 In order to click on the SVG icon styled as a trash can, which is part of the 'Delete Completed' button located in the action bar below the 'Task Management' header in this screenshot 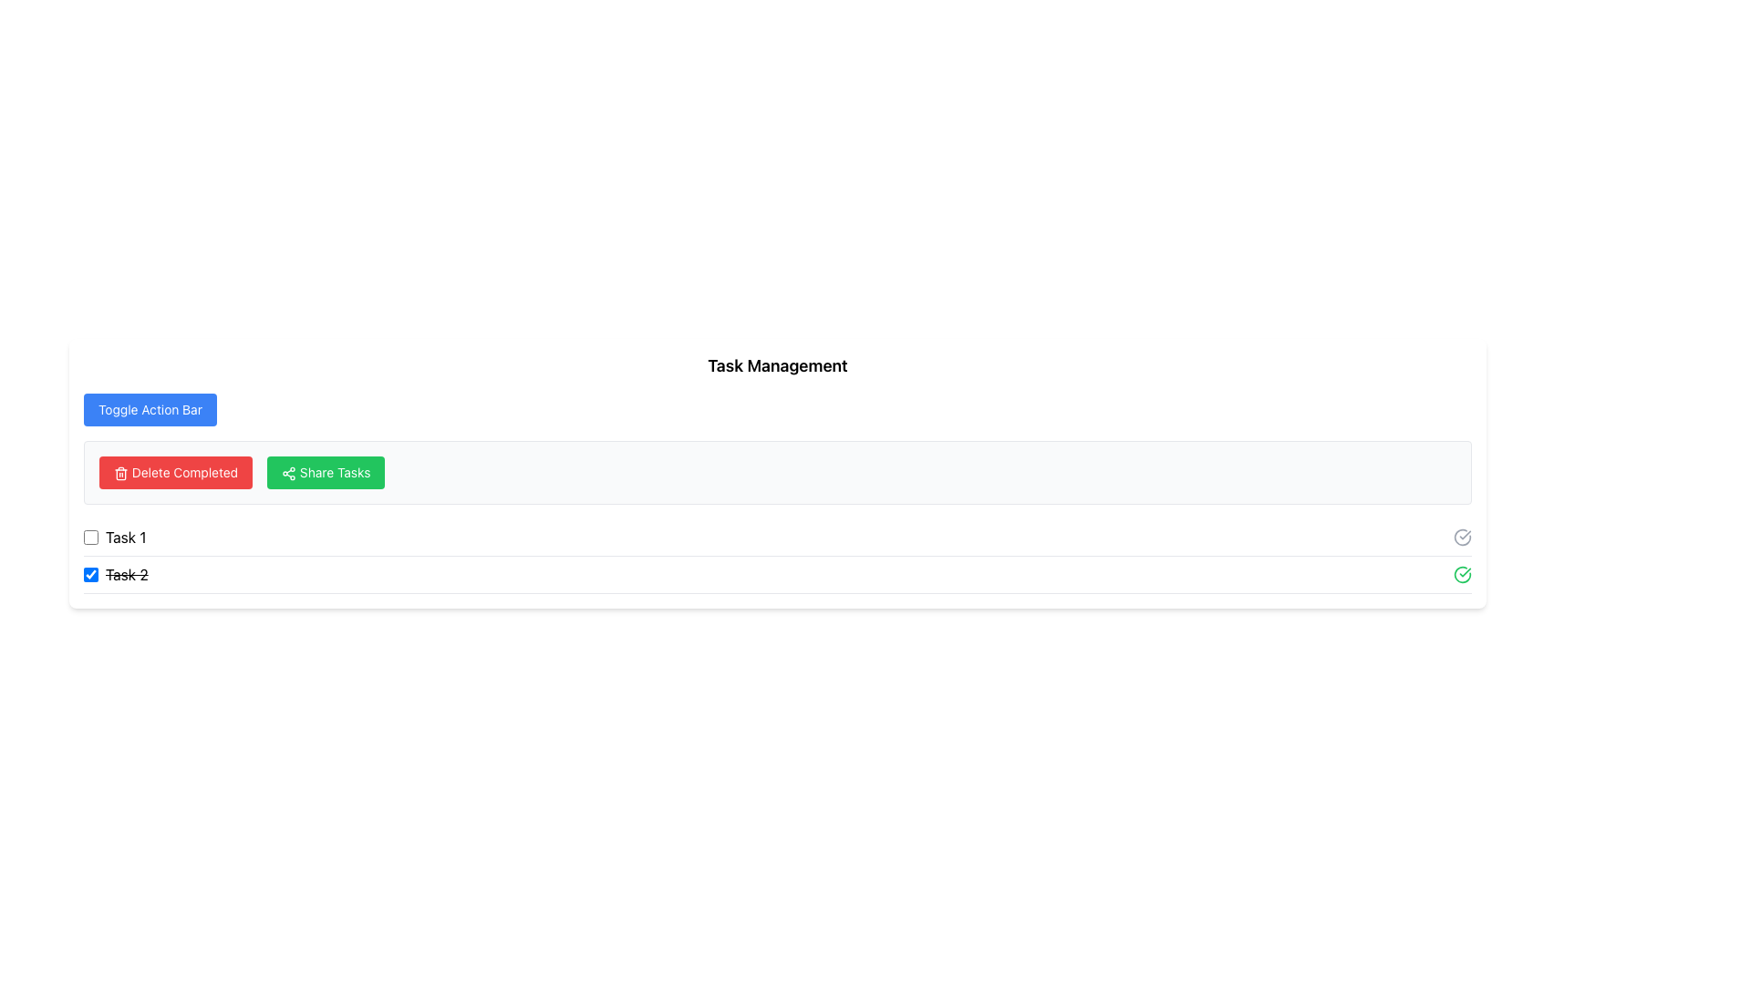, I will do `click(120, 473)`.